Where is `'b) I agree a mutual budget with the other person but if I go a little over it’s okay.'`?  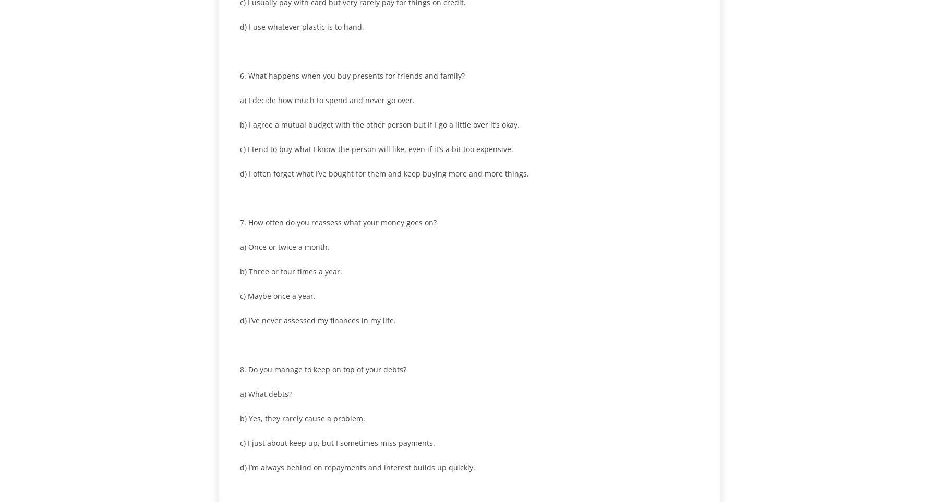
'b) I agree a mutual budget with the other person but if I go a little over it’s okay.' is located at coordinates (379, 124).